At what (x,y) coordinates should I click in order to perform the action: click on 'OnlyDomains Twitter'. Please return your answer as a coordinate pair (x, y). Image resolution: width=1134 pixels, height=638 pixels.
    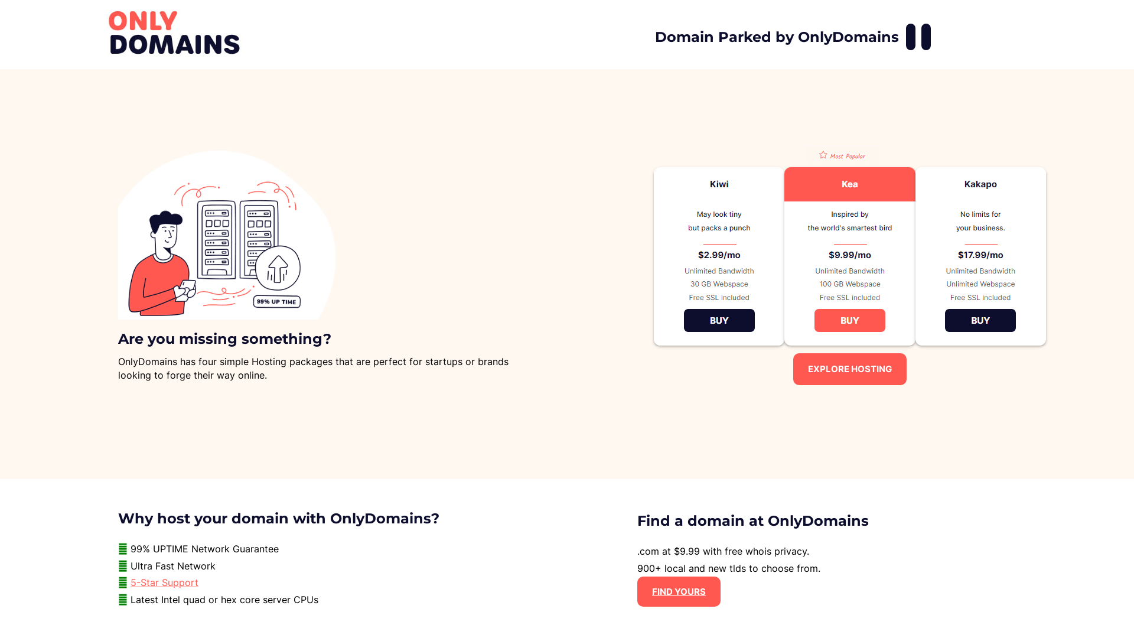
    Looking at the image, I should click on (926, 36).